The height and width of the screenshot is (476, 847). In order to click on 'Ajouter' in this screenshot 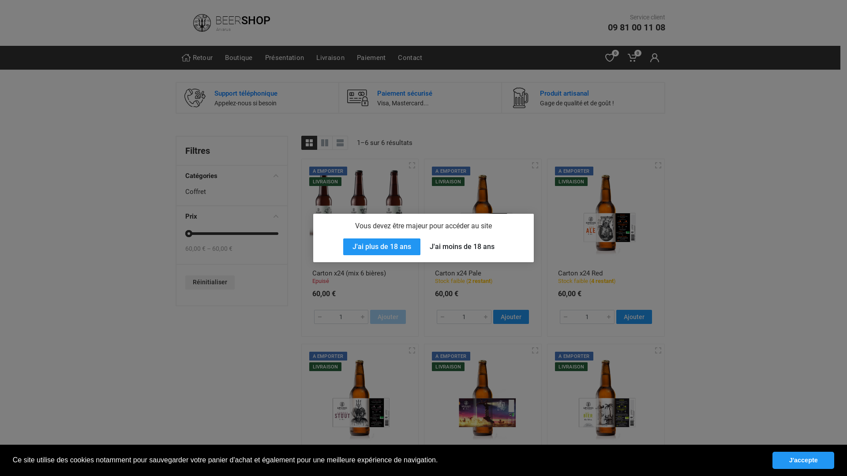, I will do `click(633, 316)`.